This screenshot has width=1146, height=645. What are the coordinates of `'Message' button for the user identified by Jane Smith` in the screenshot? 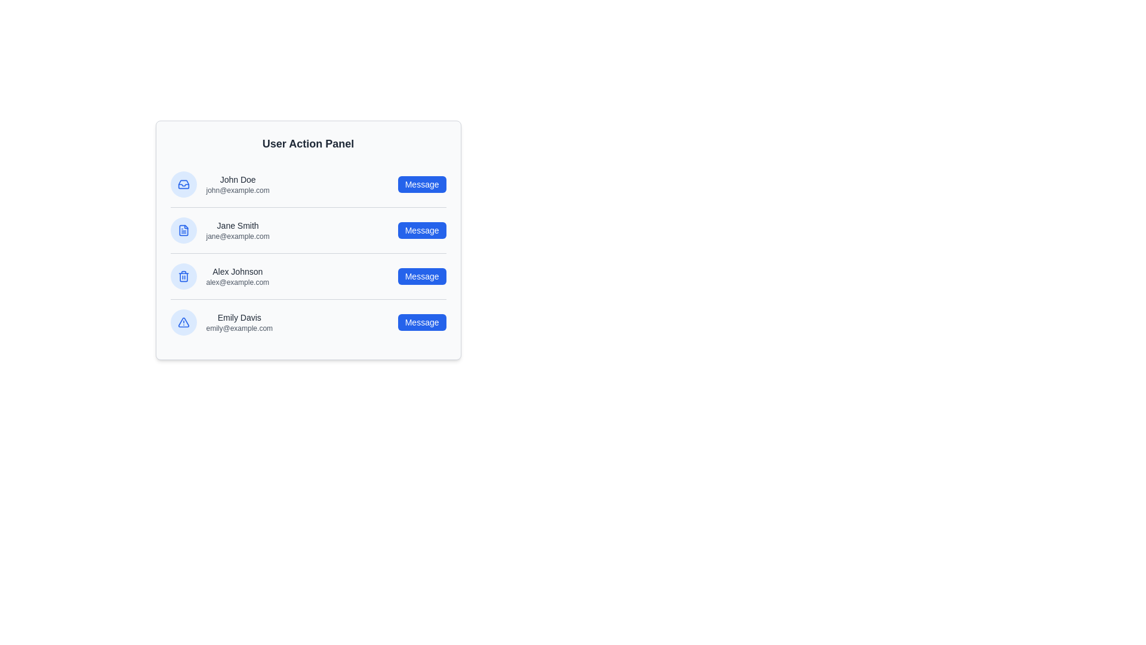 It's located at (422, 230).